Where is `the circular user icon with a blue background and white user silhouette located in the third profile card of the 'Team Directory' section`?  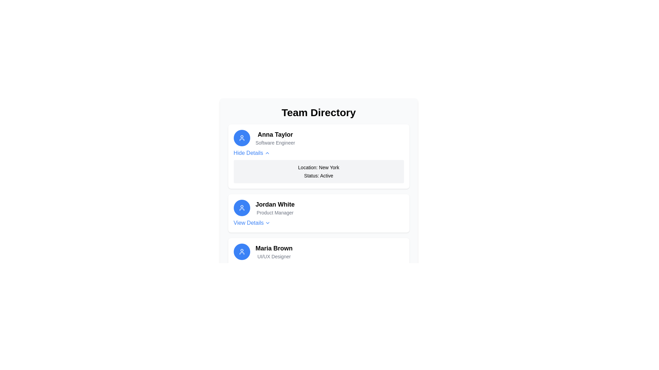
the circular user icon with a blue background and white user silhouette located in the third profile card of the 'Team Directory' section is located at coordinates (242, 252).